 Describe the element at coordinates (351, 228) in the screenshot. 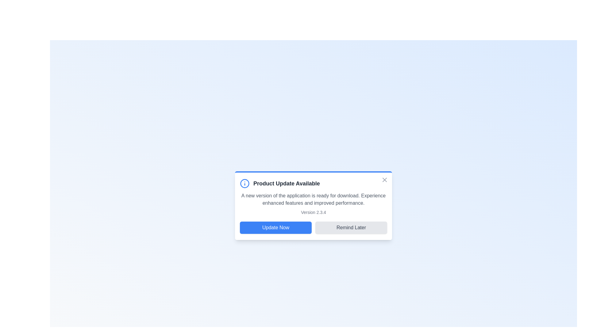

I see `'Remind Later' button to dismiss the notification temporarily` at that location.